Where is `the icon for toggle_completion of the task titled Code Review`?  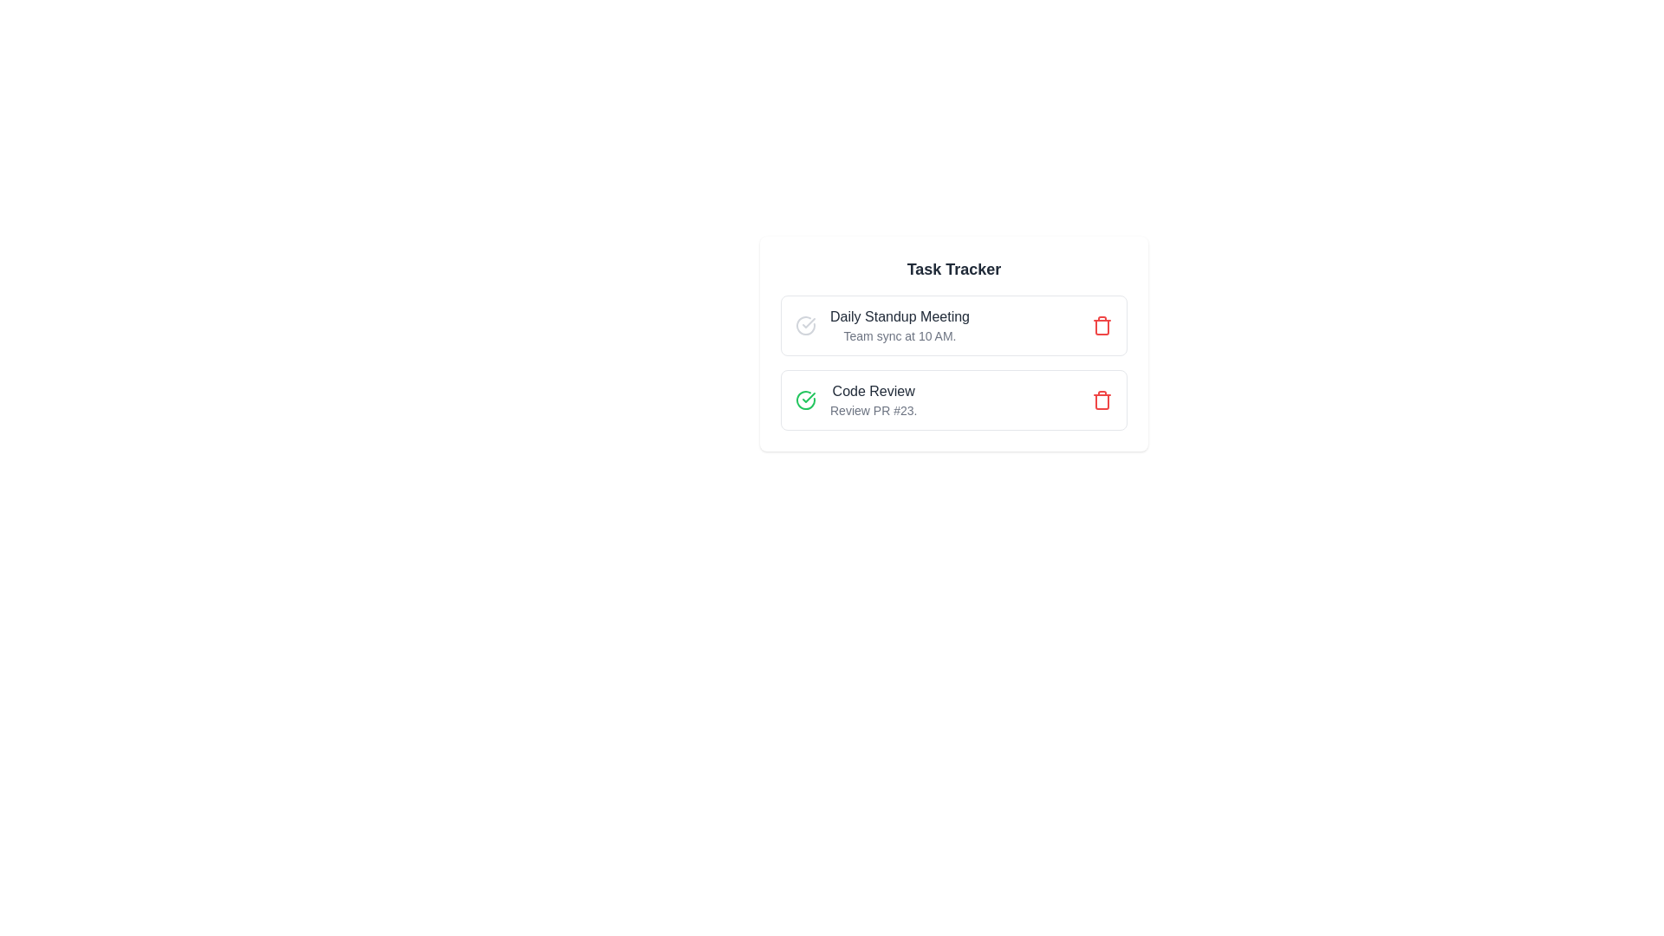
the icon for toggle_completion of the task titled Code Review is located at coordinates (805, 400).